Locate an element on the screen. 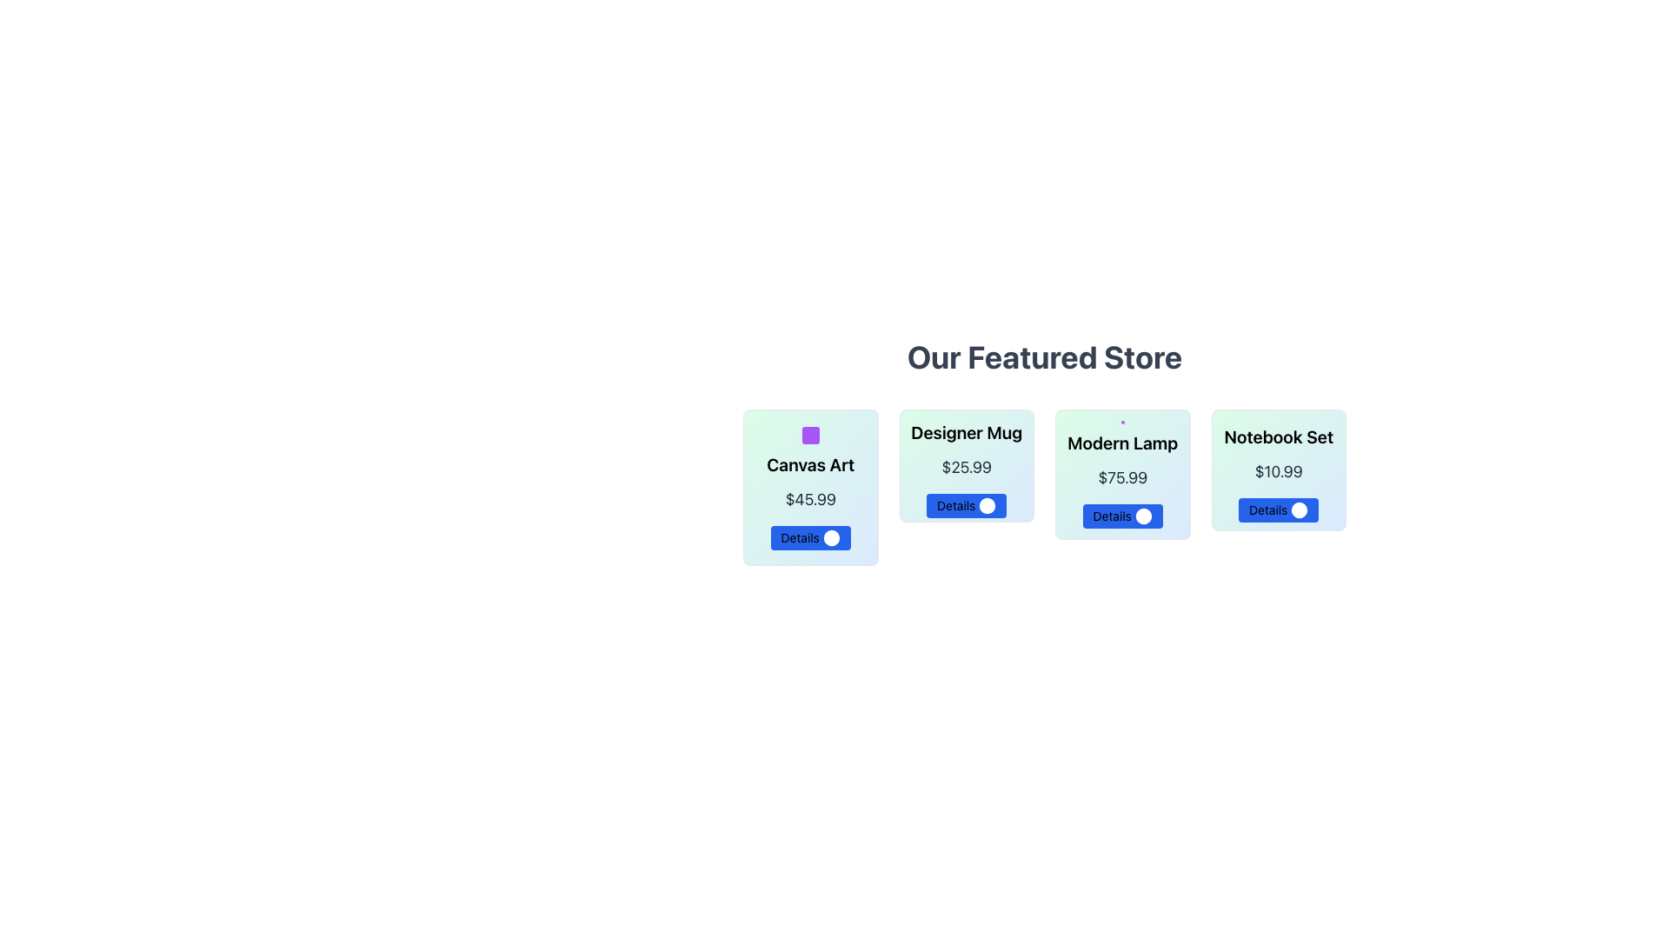  the button associated with the 'Modern Lamp' product is located at coordinates (1122, 516).